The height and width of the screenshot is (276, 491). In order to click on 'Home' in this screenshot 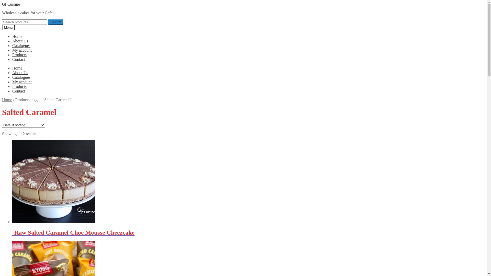, I will do `click(17, 68)`.